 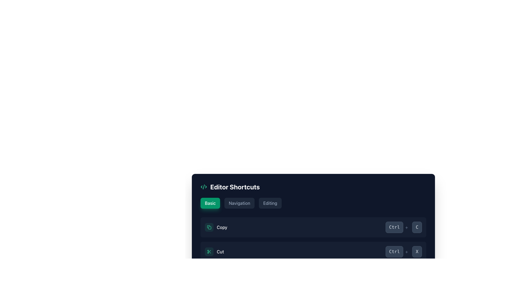 I want to click on the 'Ctrl' key button-like display element, which visually represents the 'Ctrl' key in the shortcut combination, located in the shortcut display section of the interface, so click(x=394, y=227).